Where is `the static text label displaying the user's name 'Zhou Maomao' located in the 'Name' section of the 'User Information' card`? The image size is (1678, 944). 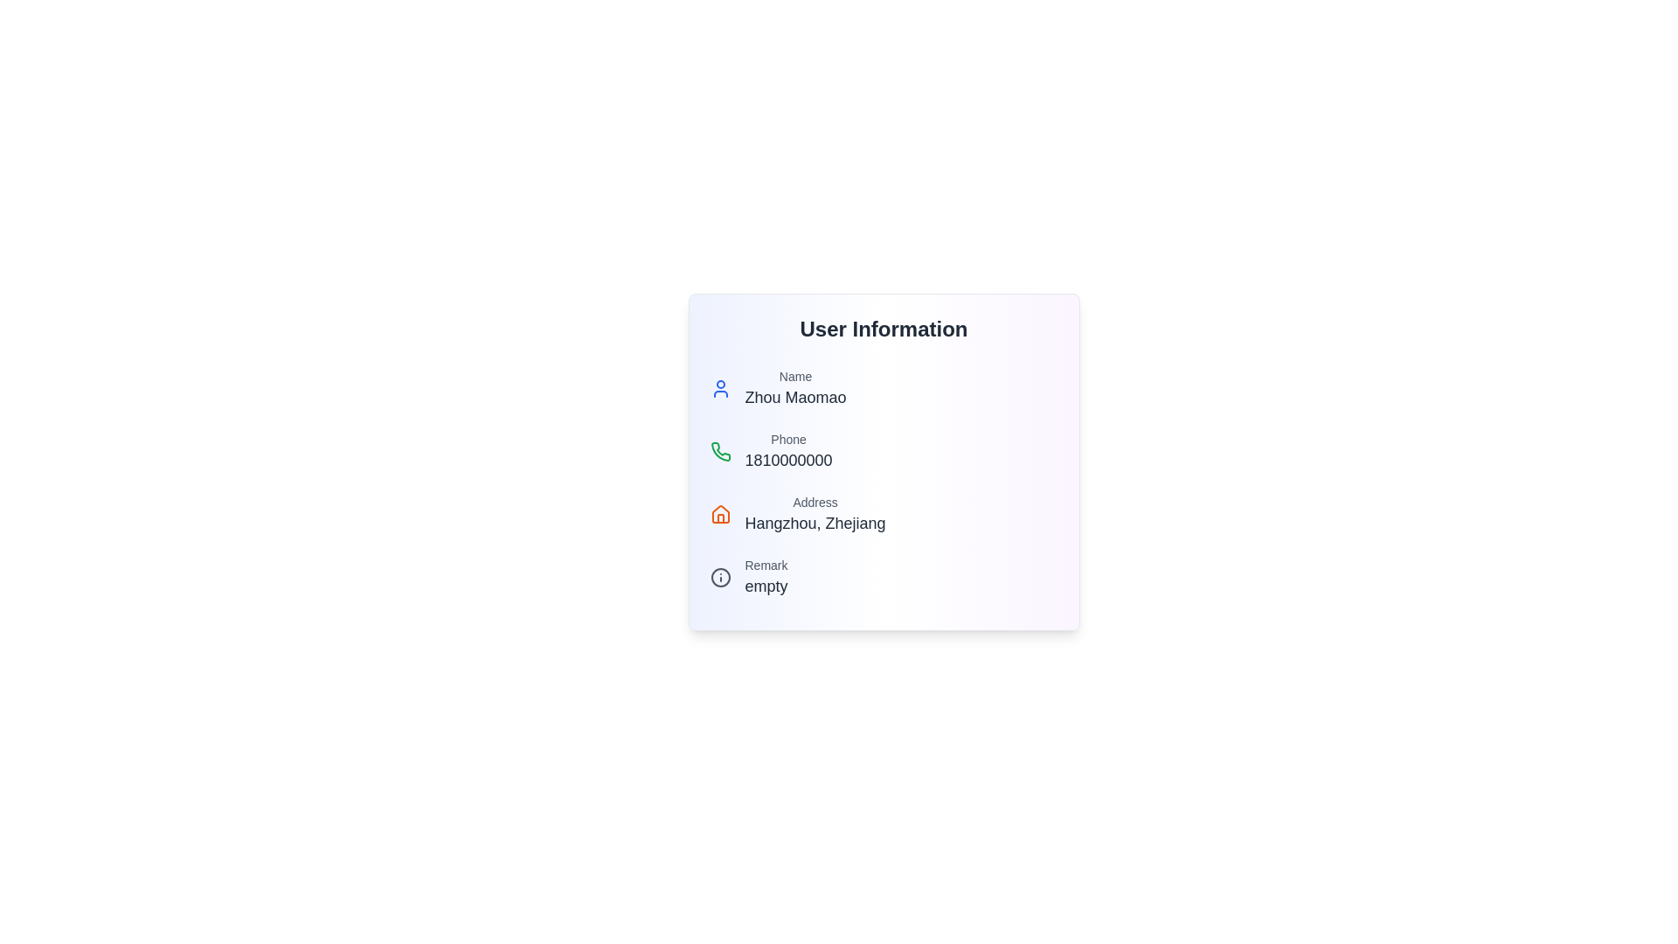 the static text label displaying the user's name 'Zhou Maomao' located in the 'Name' section of the 'User Information' card is located at coordinates (794, 398).